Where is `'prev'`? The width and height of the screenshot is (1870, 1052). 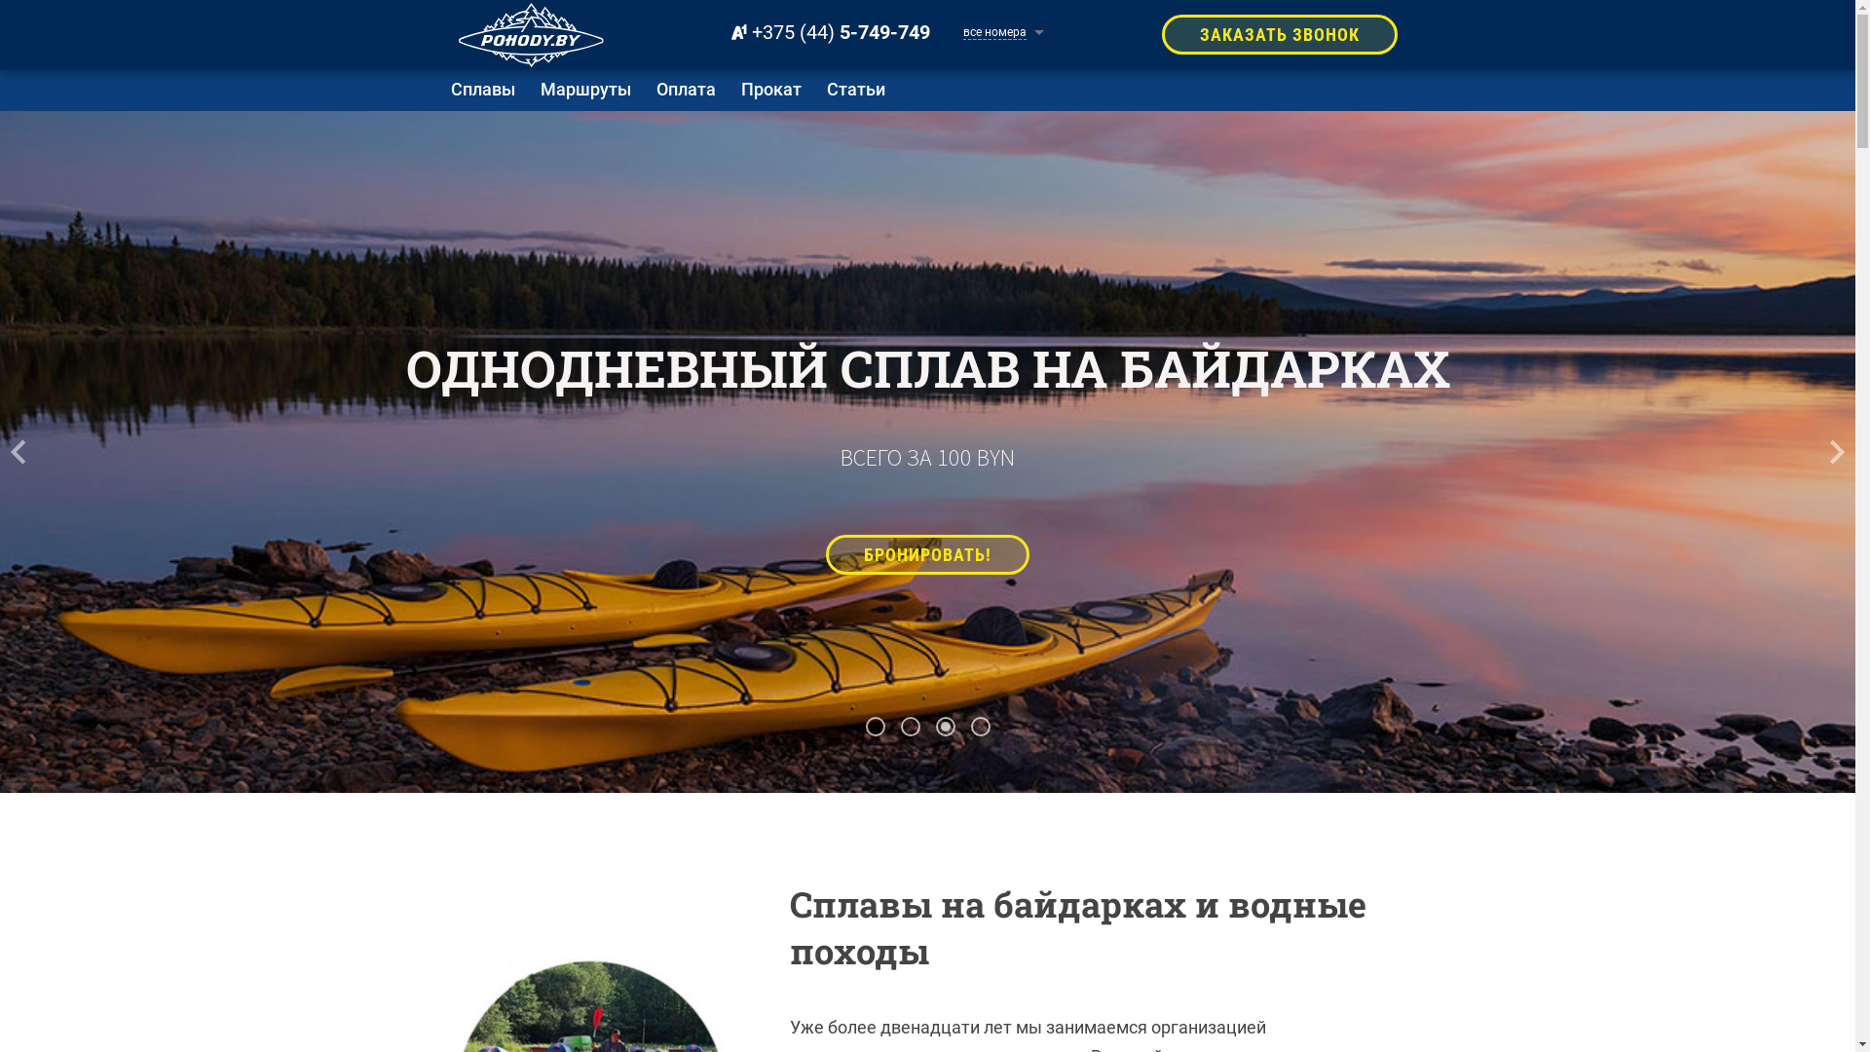
'prev' is located at coordinates (33, 451).